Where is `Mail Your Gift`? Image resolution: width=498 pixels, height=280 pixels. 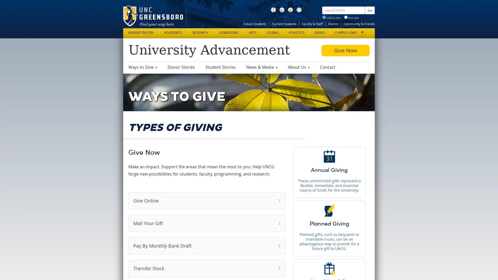
Mail Your Gift is located at coordinates (206, 223).